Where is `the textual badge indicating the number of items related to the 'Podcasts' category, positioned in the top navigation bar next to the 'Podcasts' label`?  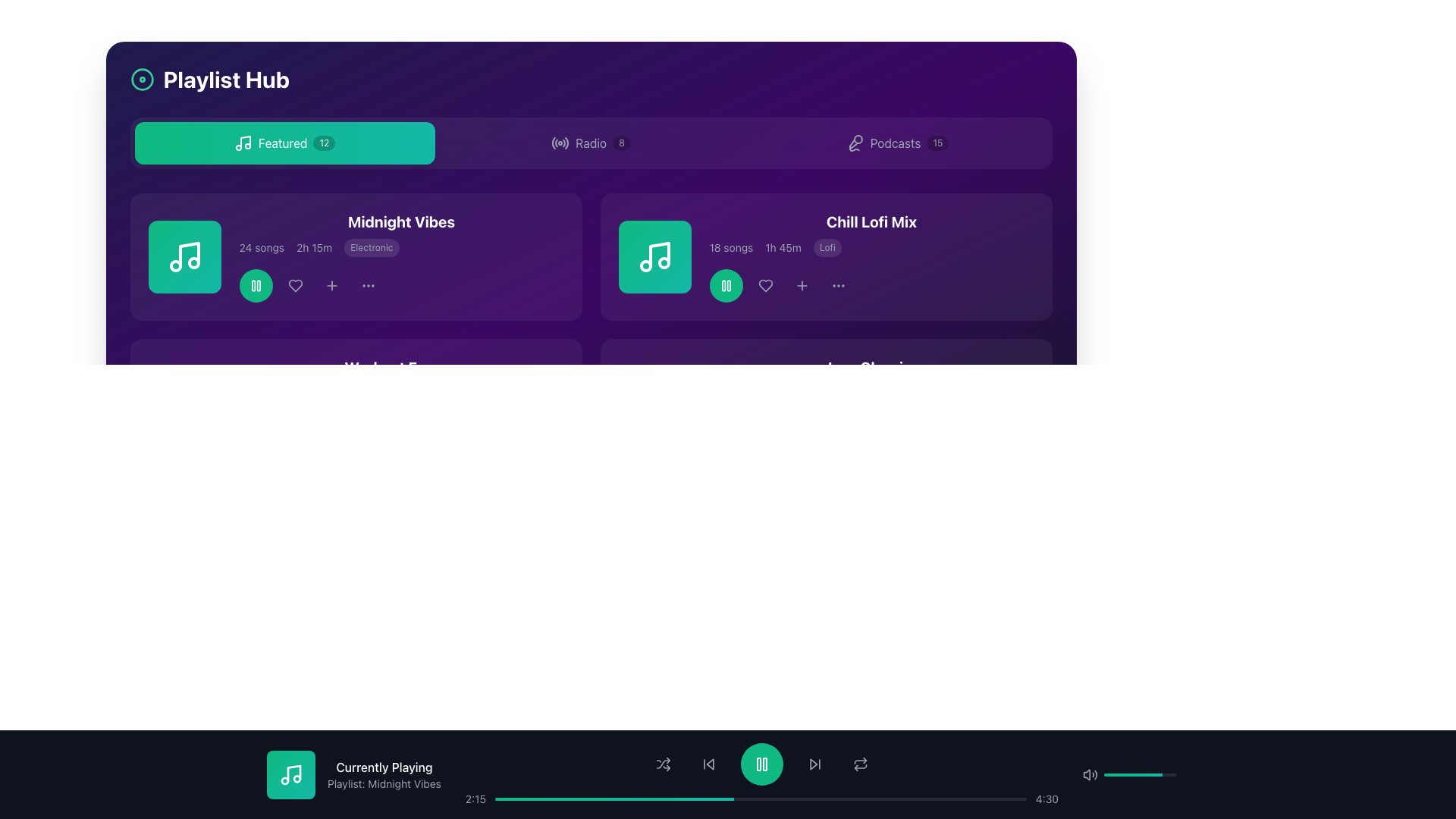 the textual badge indicating the number of items related to the 'Podcasts' category, positioned in the top navigation bar next to the 'Podcasts' label is located at coordinates (937, 143).